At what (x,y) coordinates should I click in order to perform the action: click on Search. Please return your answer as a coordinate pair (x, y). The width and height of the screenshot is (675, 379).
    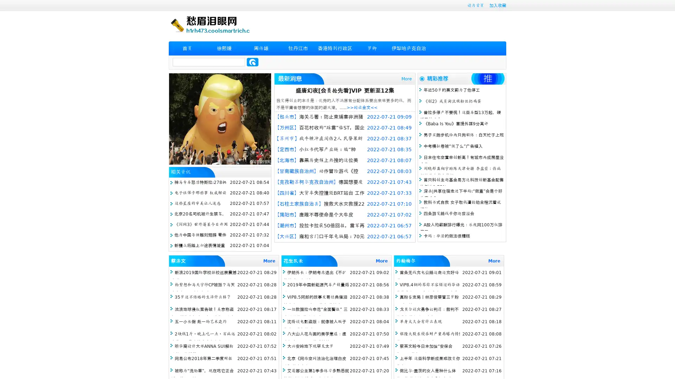
    Looking at the image, I should click on (252, 62).